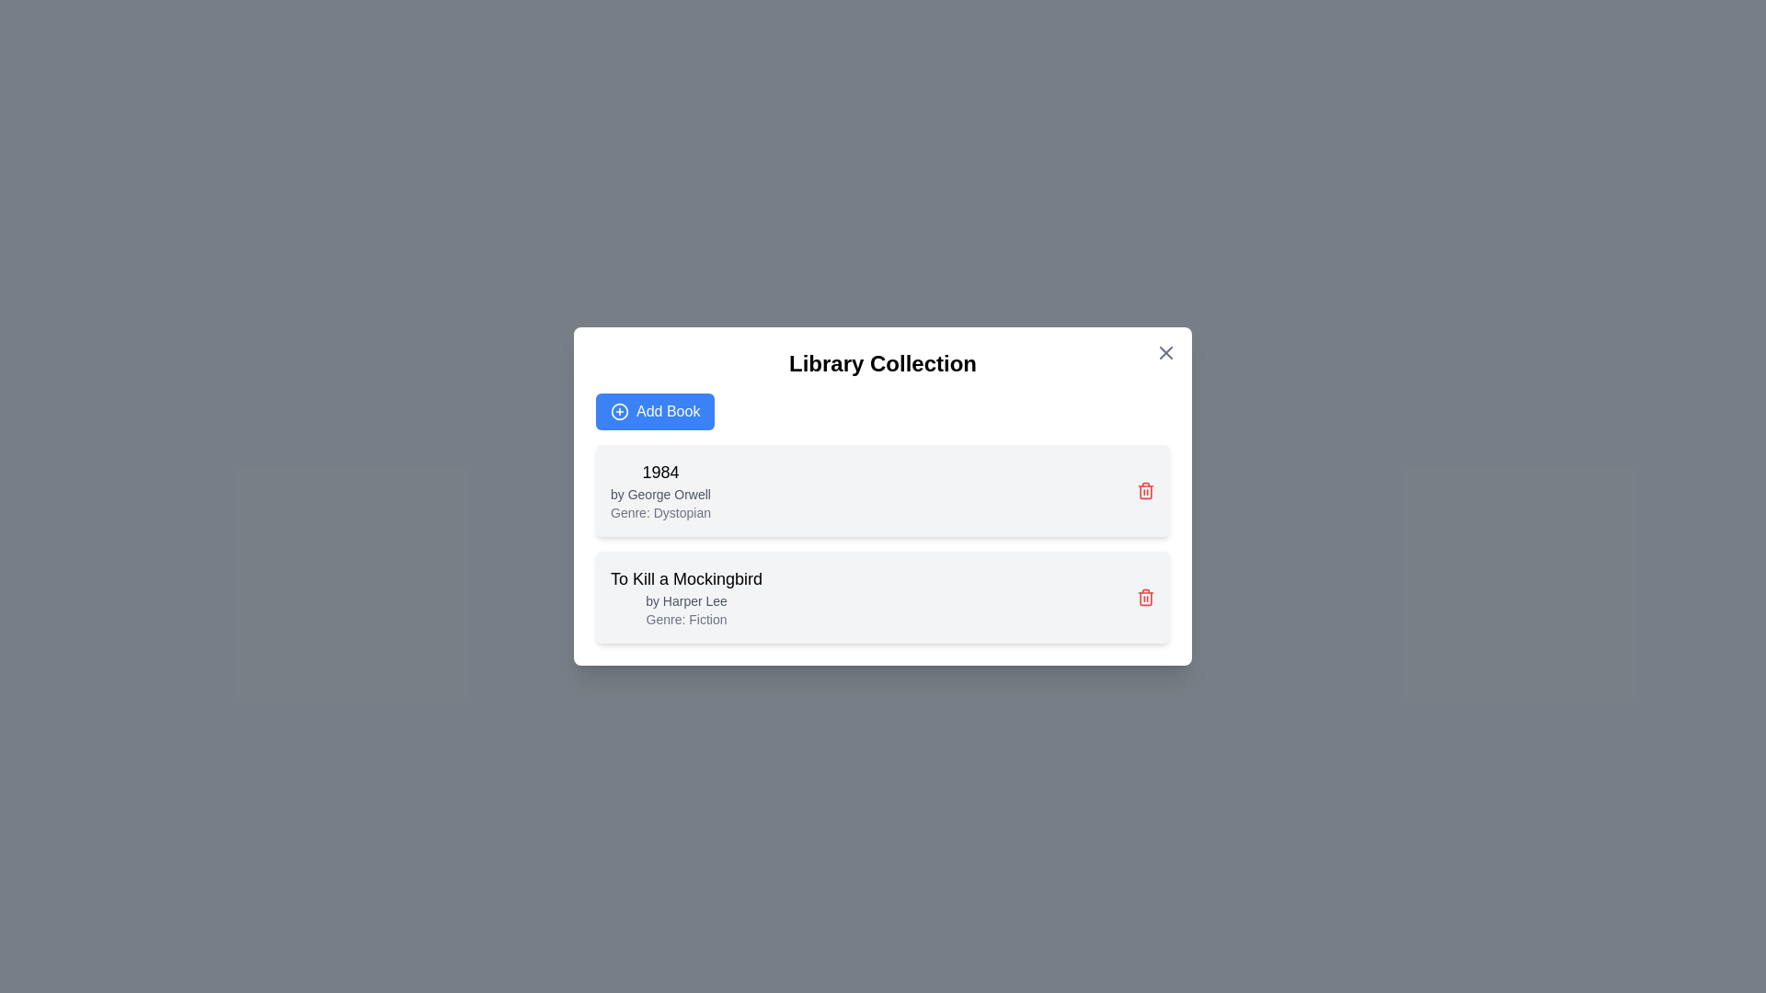  I want to click on the static text element that displays 'Genre: Dystopian', which is styled with a smaller font size and gray color, located under the book title '1984', so click(660, 513).